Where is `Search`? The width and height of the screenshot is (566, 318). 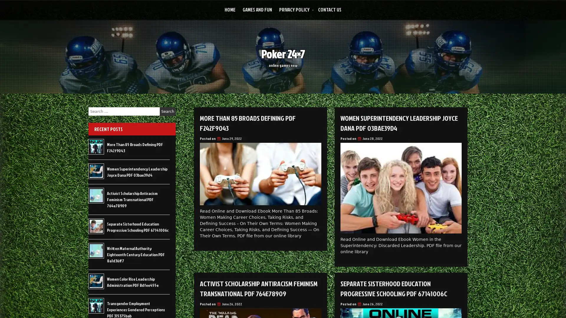
Search is located at coordinates (167, 111).